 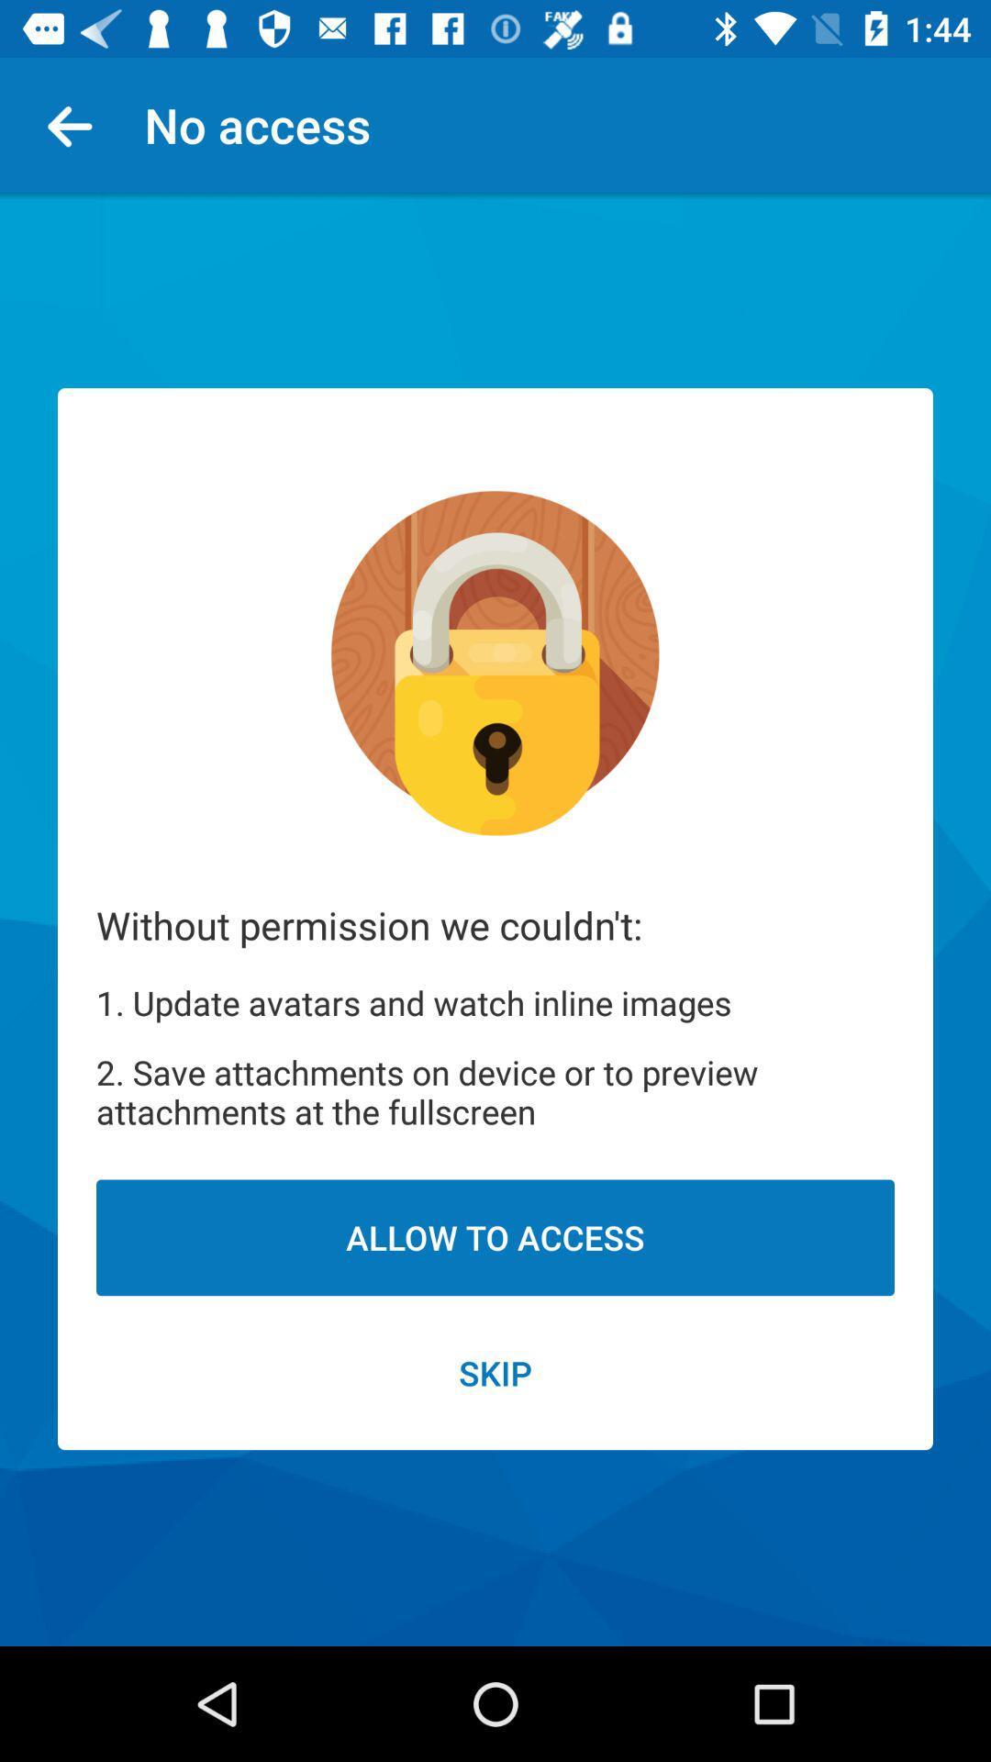 What do you see at coordinates (495, 1373) in the screenshot?
I see `the skip` at bounding box center [495, 1373].